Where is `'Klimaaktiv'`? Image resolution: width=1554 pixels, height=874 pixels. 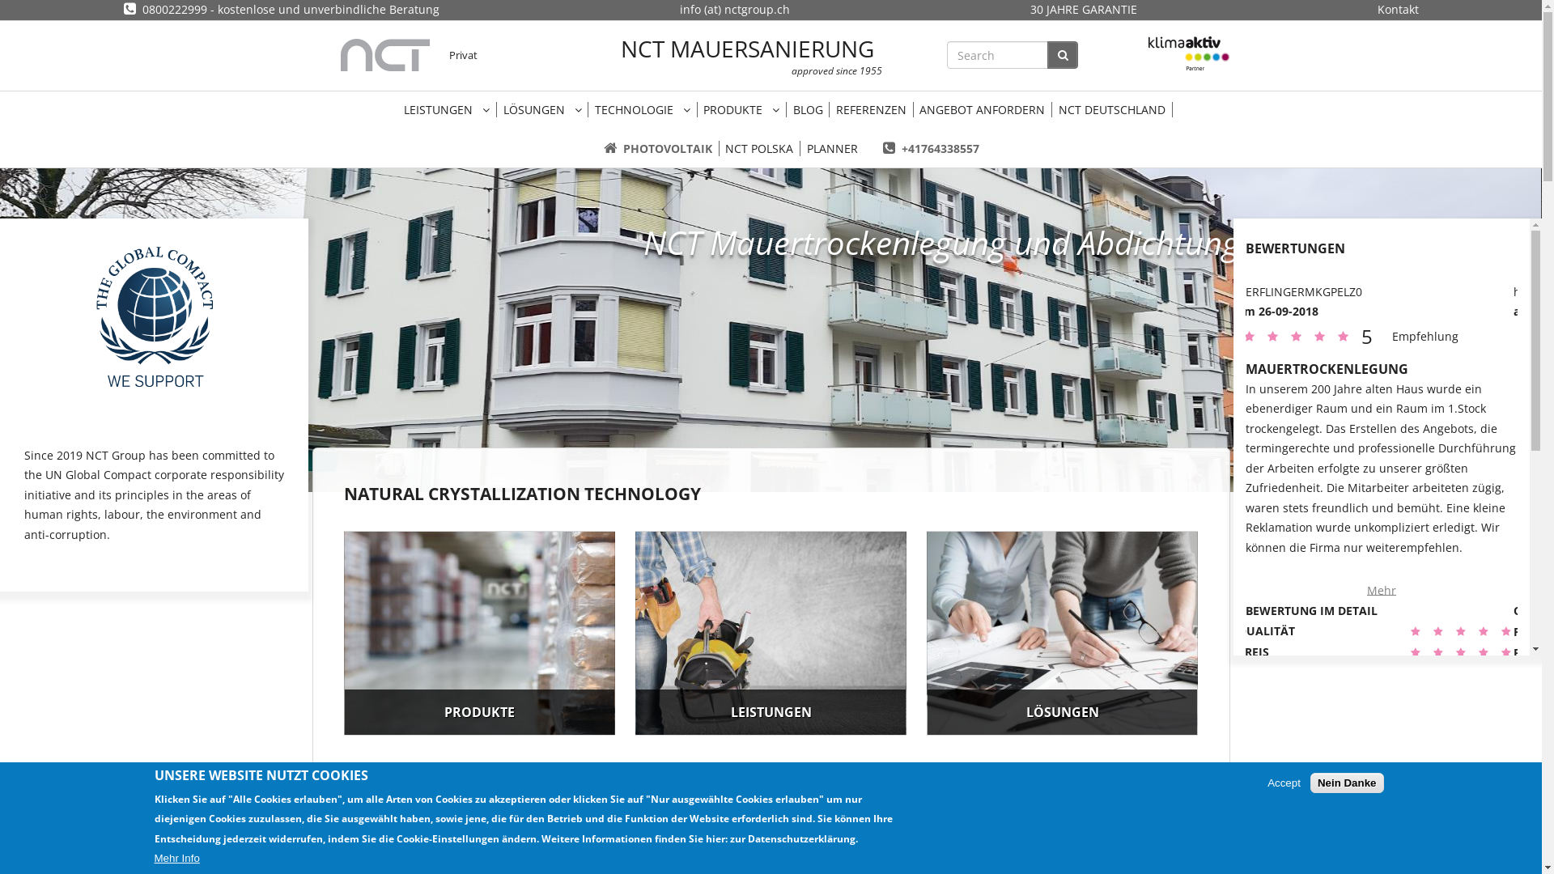
'Klimaaktiv' is located at coordinates (1188, 54).